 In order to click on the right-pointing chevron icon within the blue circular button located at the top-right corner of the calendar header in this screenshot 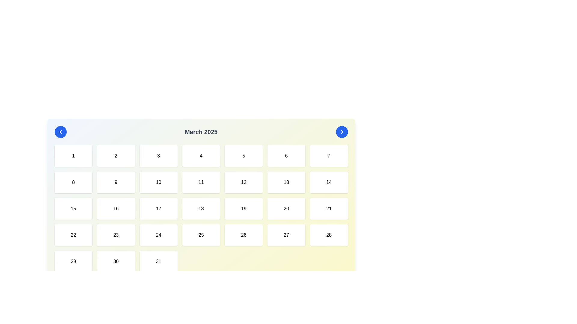, I will do `click(342, 131)`.